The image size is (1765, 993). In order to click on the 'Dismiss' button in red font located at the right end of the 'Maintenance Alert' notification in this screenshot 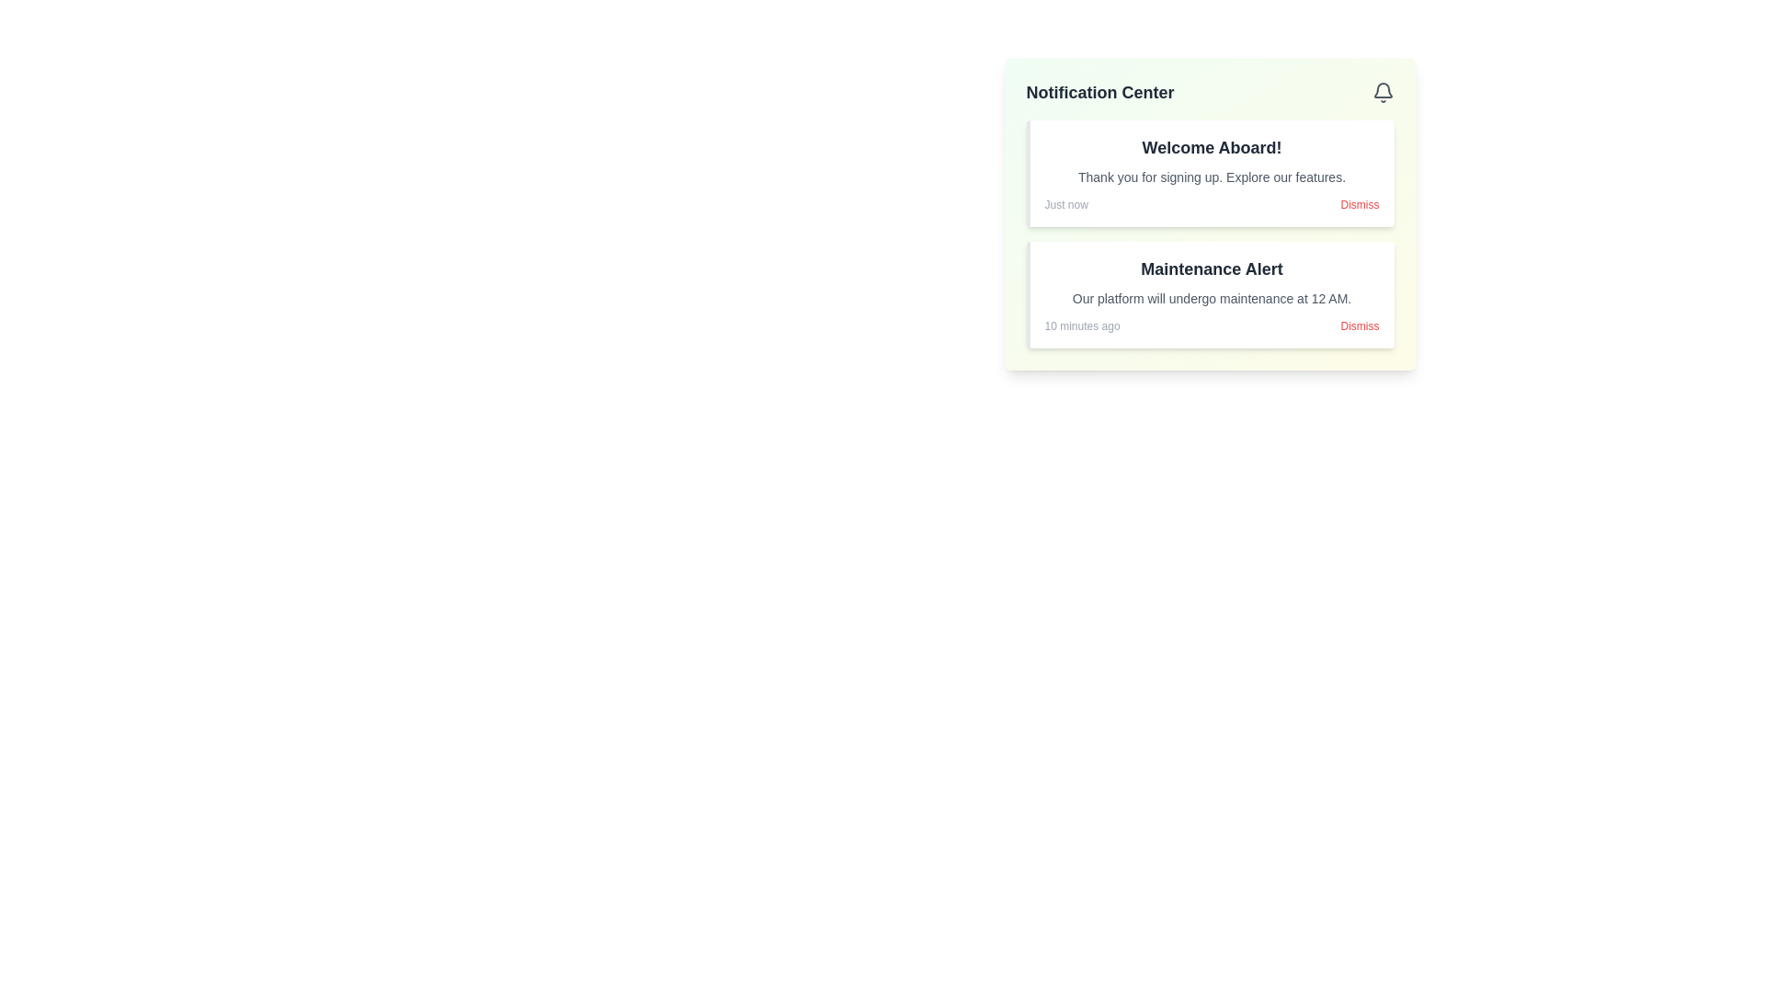, I will do `click(1360, 325)`.